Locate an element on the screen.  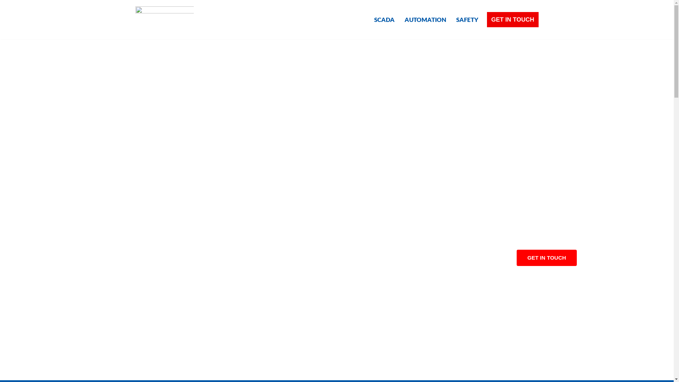
'GET IN TOUCH' is located at coordinates (512, 19).